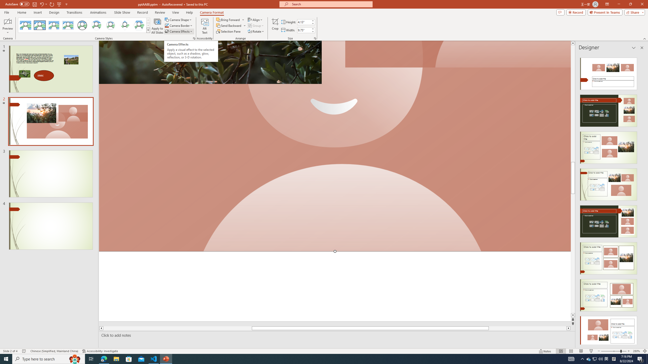 The image size is (648, 364). Describe the element at coordinates (178, 25) in the screenshot. I see `'Camera Border'` at that location.